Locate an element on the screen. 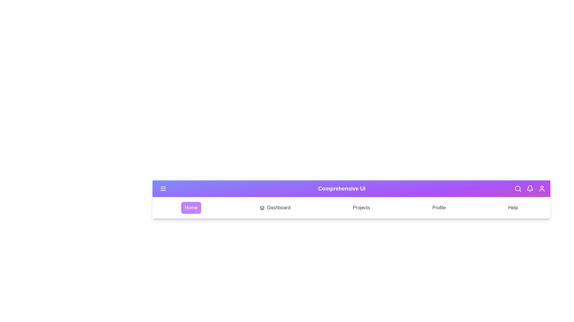 The width and height of the screenshot is (574, 322). the Profile section from the navigation menu is located at coordinates (439, 208).